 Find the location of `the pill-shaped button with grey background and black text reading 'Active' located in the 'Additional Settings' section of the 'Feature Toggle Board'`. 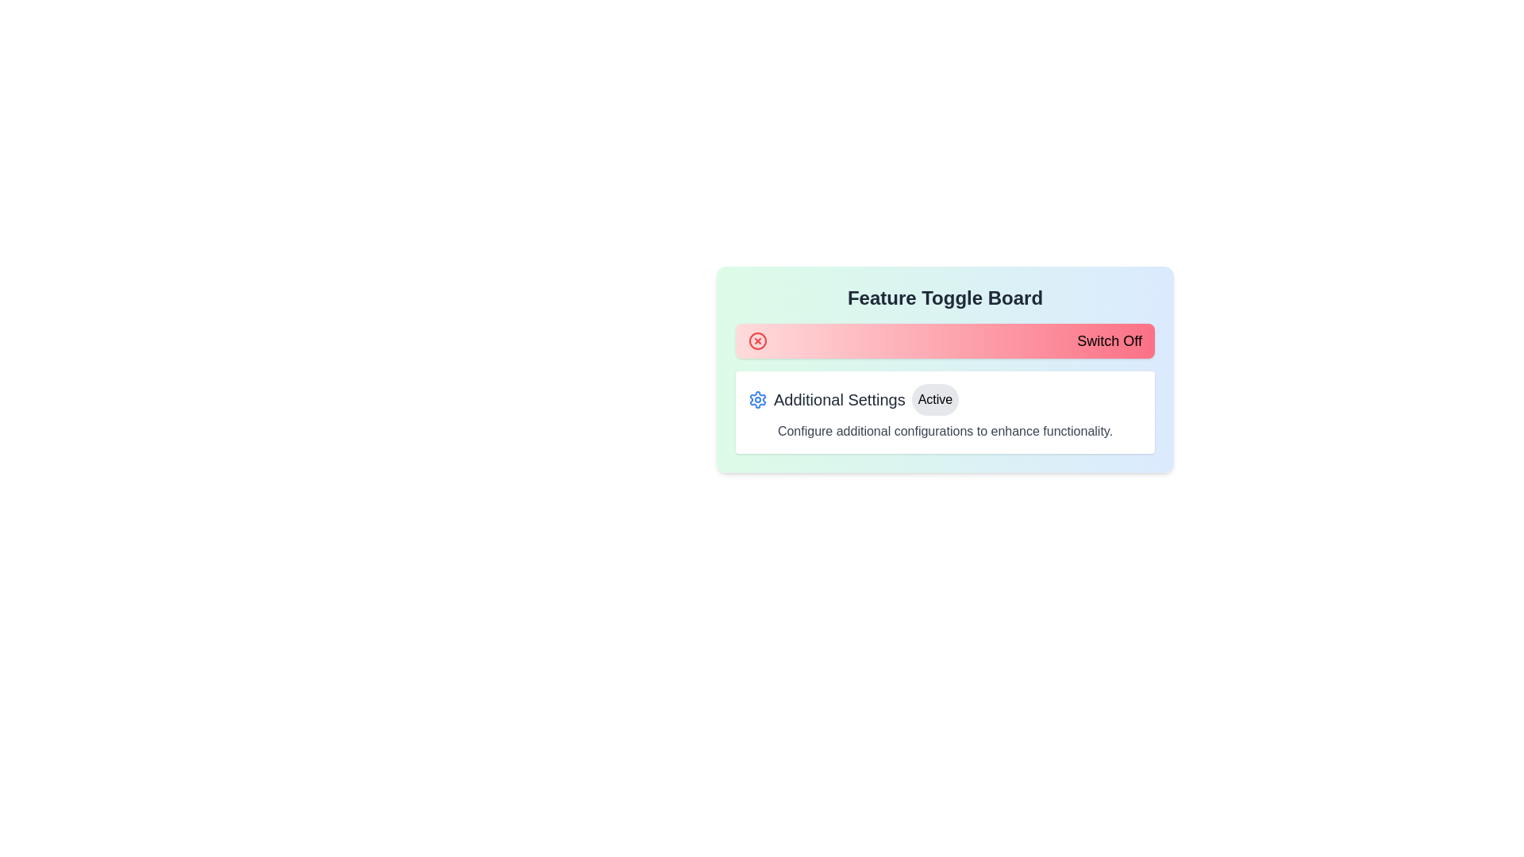

the pill-shaped button with grey background and black text reading 'Active' located in the 'Additional Settings' section of the 'Feature Toggle Board' is located at coordinates (935, 399).